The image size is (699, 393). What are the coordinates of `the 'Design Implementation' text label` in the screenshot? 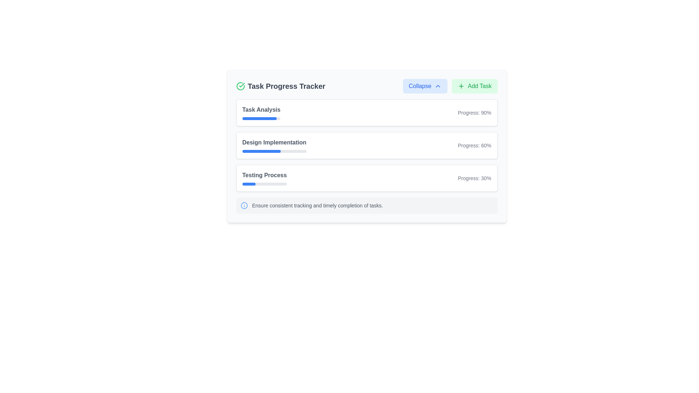 It's located at (274, 143).